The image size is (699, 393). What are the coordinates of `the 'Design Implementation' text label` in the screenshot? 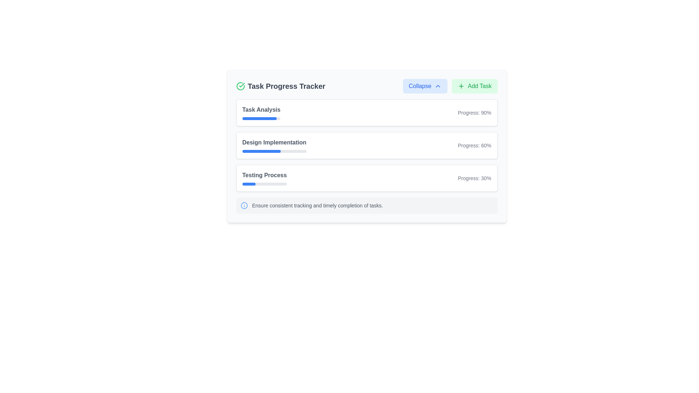 It's located at (274, 143).